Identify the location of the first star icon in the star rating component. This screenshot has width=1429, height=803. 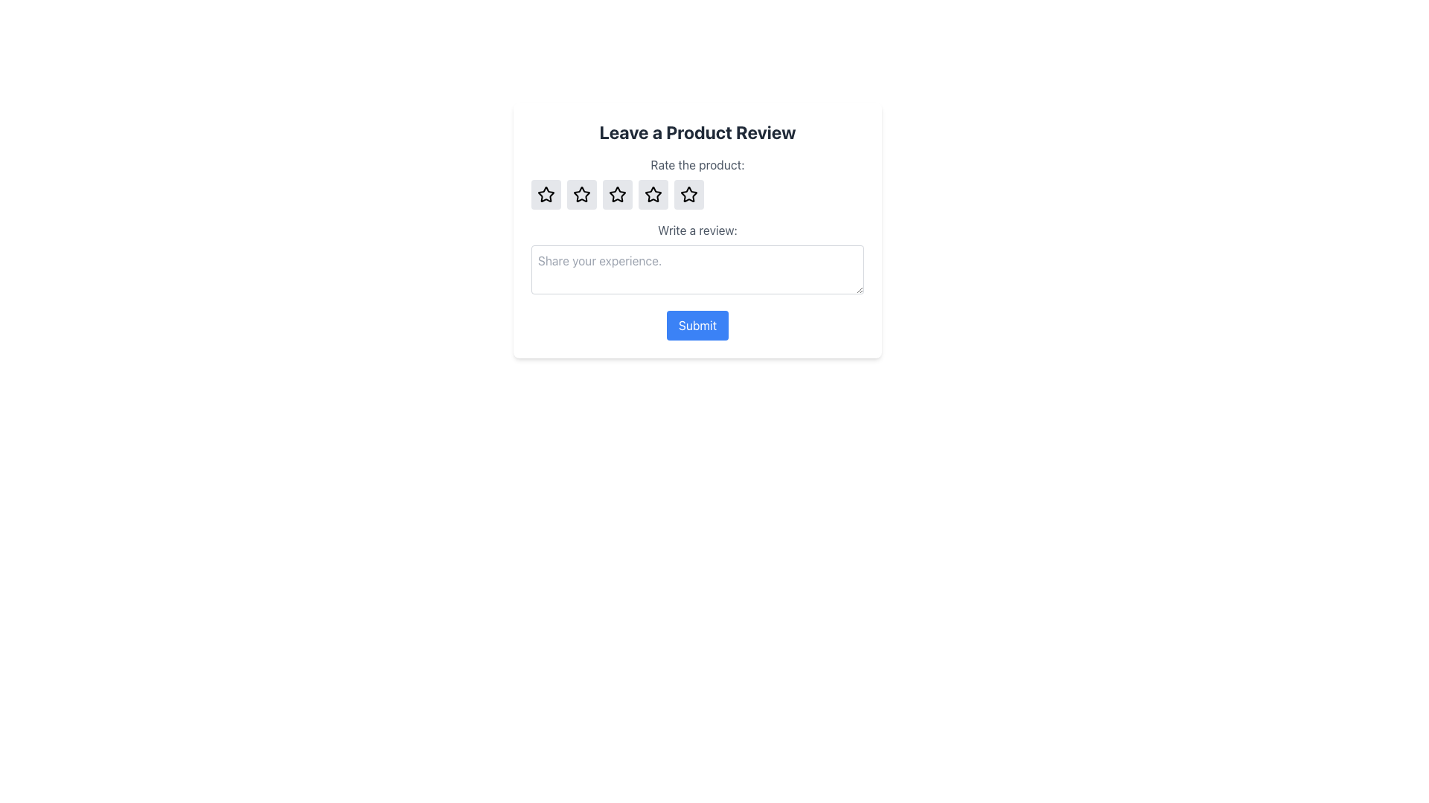
(546, 193).